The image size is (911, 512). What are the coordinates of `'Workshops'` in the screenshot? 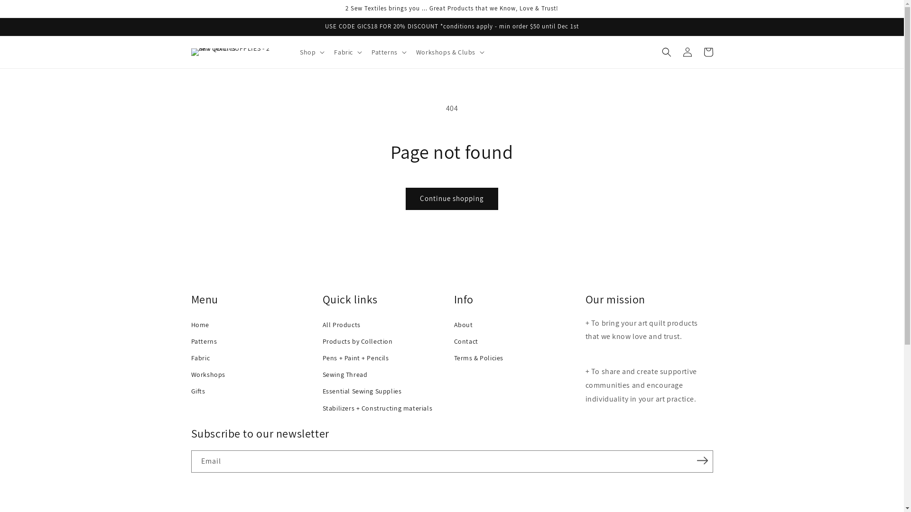 It's located at (190, 374).